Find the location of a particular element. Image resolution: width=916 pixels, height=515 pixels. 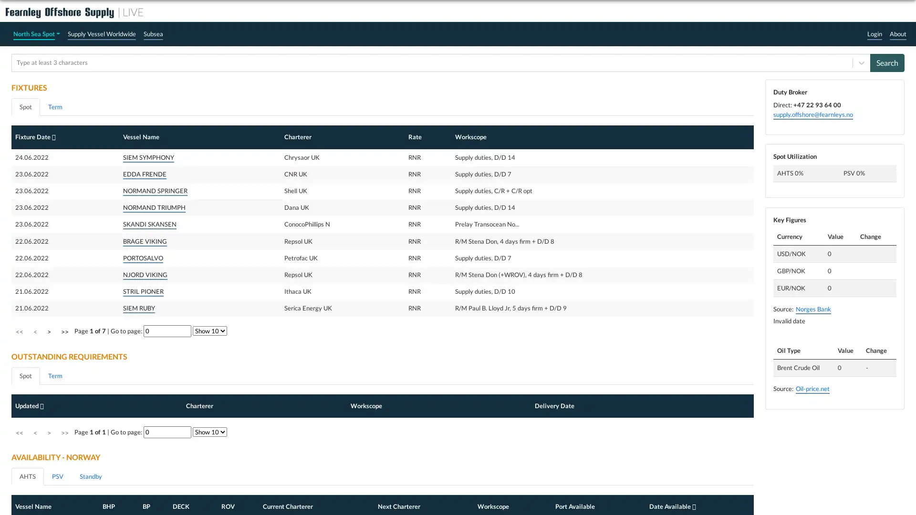

< is located at coordinates (35, 331).